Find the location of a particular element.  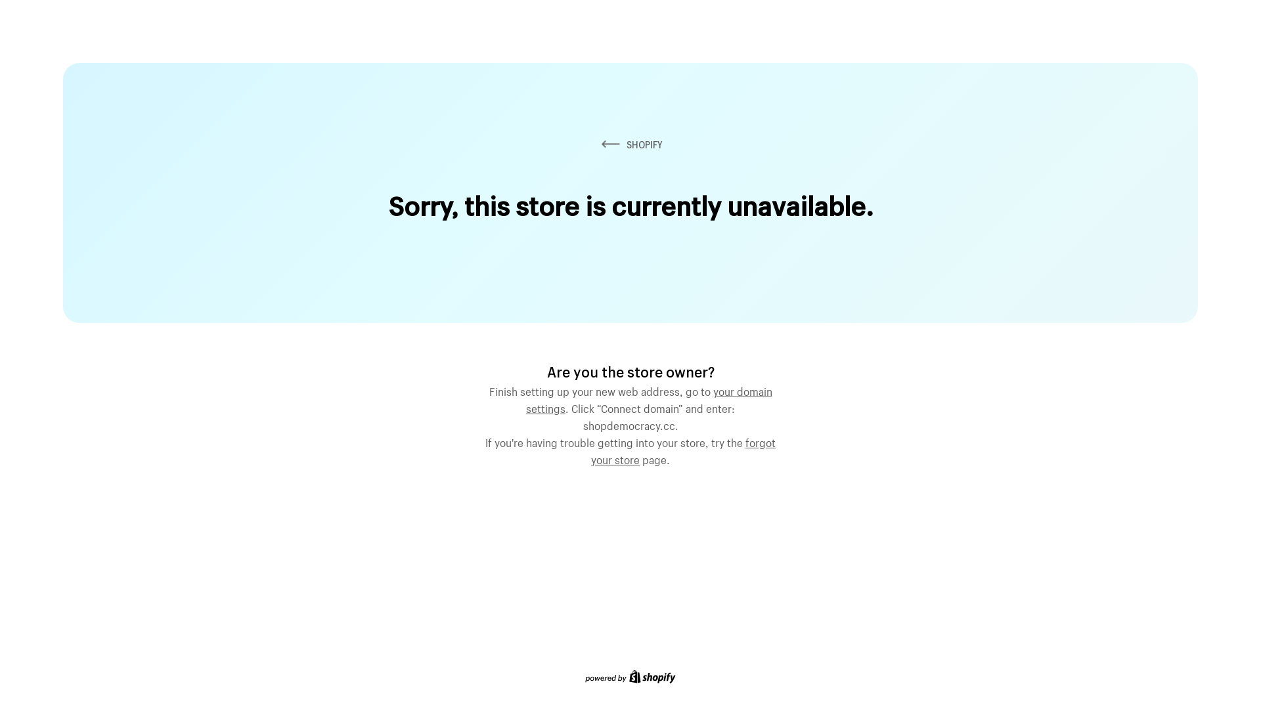

'your domain settings' is located at coordinates (649, 397).